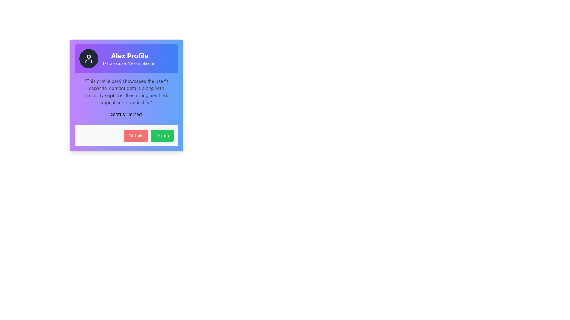 This screenshot has height=320, width=570. What do you see at coordinates (88, 58) in the screenshot?
I see `the user's profile image icon located to the left of the 'Alex Profile' text in the upper part of the profile card` at bounding box center [88, 58].